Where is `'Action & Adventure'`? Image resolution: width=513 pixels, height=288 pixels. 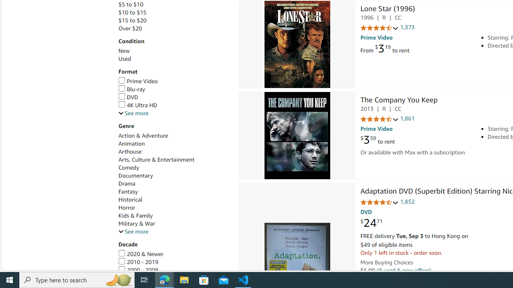
'Action & Adventure' is located at coordinates (174, 135).